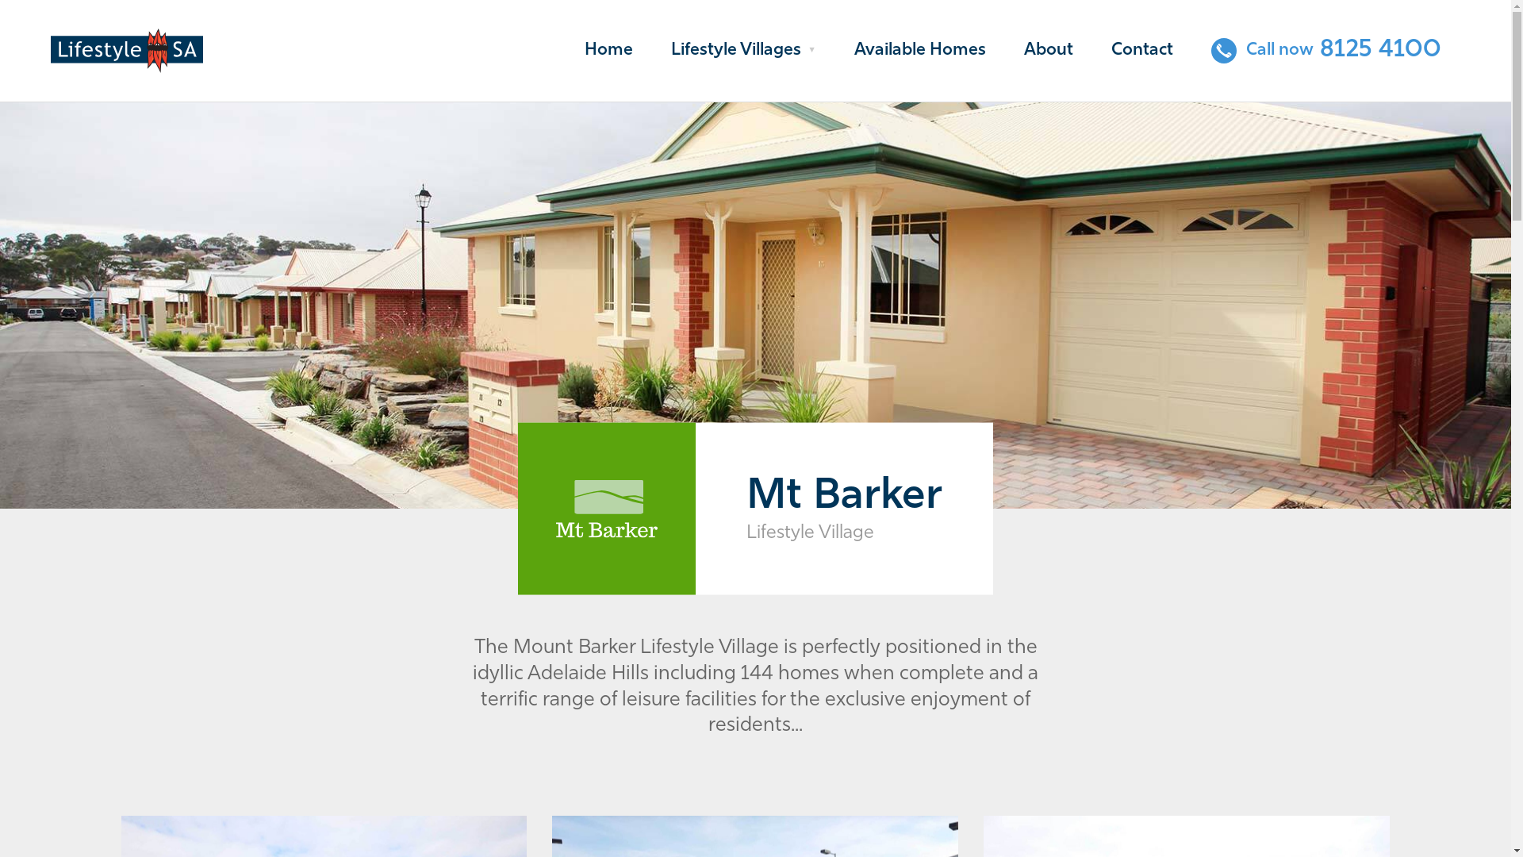 The width and height of the screenshot is (1523, 857). Describe the element at coordinates (1048, 50) in the screenshot. I see `'About'` at that location.